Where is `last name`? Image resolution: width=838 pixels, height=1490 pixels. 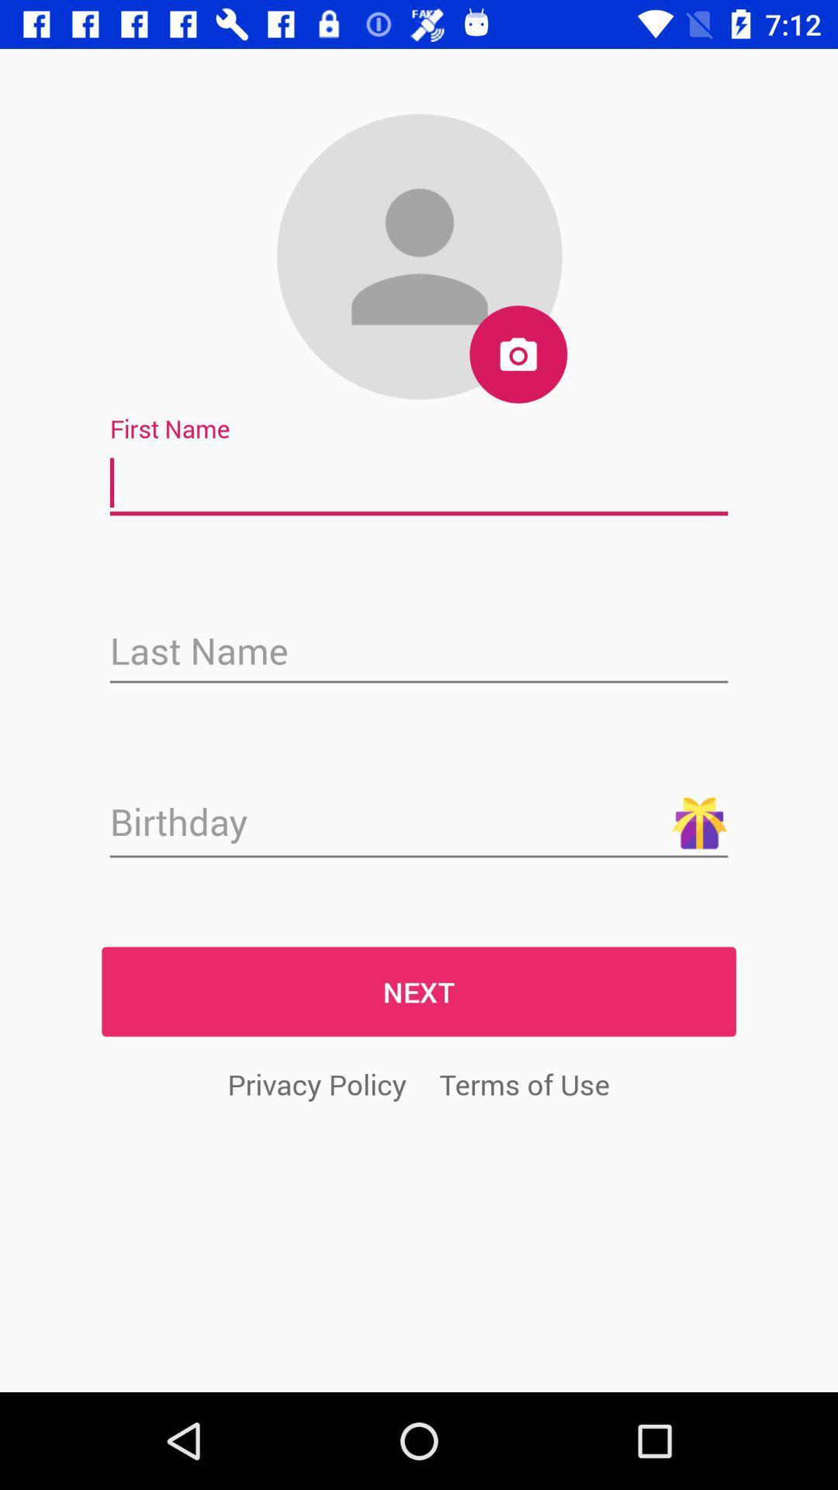
last name is located at coordinates (419, 653).